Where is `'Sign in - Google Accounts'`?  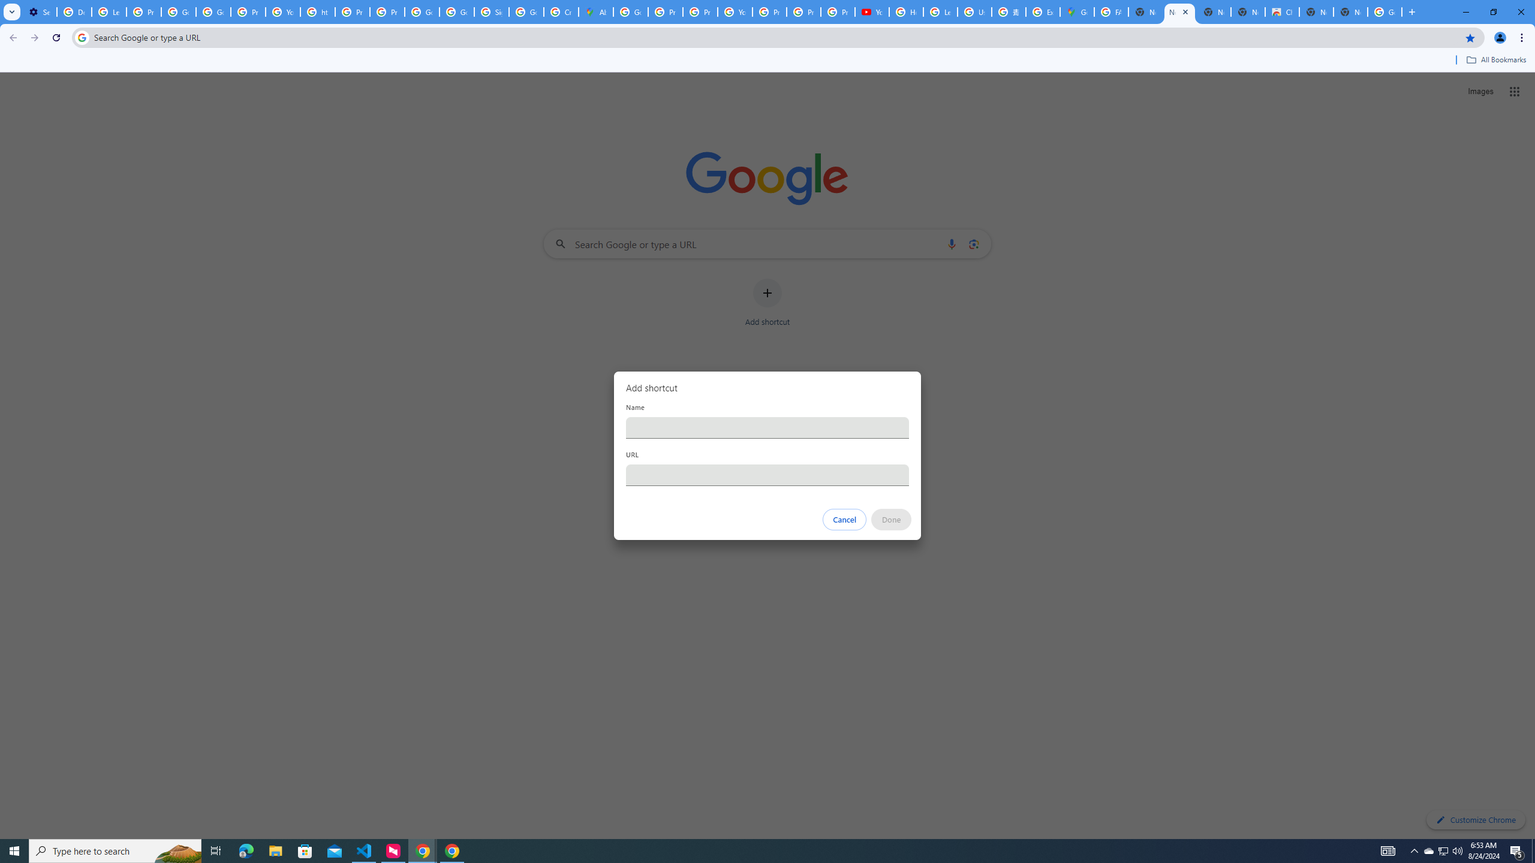
'Sign in - Google Accounts' is located at coordinates (491, 11).